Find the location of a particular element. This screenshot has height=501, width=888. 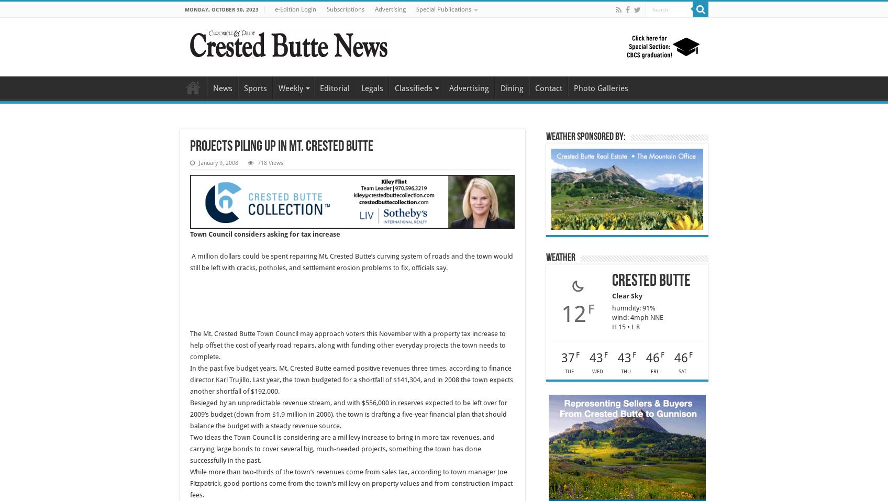

'Projects piling up in Mt. Crested Butte' is located at coordinates (281, 146).